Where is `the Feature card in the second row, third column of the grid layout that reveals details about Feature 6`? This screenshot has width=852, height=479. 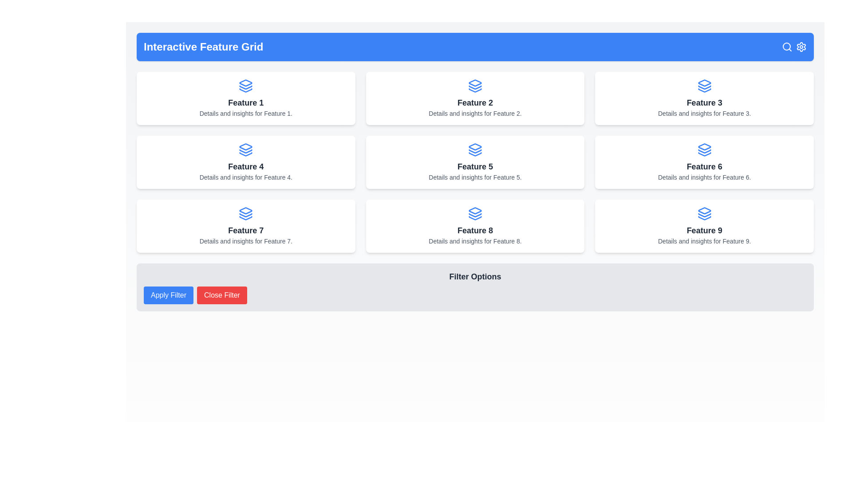 the Feature card in the second row, third column of the grid layout that reveals details about Feature 6 is located at coordinates (704, 162).